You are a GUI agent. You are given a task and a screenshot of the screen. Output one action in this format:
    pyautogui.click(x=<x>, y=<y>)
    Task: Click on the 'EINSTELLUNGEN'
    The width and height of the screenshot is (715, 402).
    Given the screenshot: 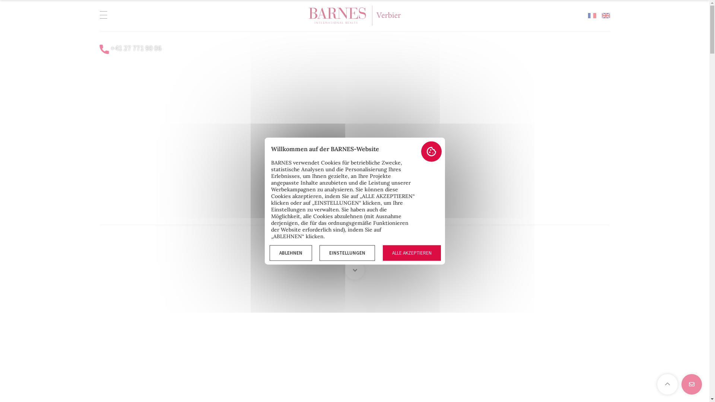 What is the action you would take?
    pyautogui.click(x=347, y=252)
    